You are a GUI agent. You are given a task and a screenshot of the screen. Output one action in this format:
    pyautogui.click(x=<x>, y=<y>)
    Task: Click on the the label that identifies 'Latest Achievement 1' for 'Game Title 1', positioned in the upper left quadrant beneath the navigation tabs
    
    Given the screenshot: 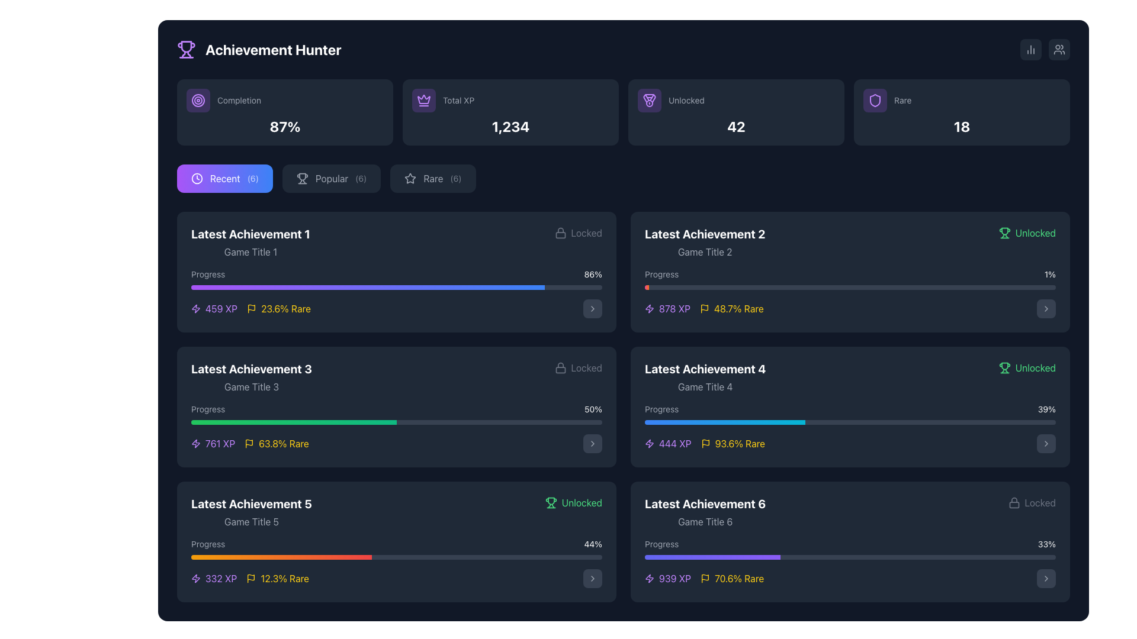 What is the action you would take?
    pyautogui.click(x=250, y=241)
    